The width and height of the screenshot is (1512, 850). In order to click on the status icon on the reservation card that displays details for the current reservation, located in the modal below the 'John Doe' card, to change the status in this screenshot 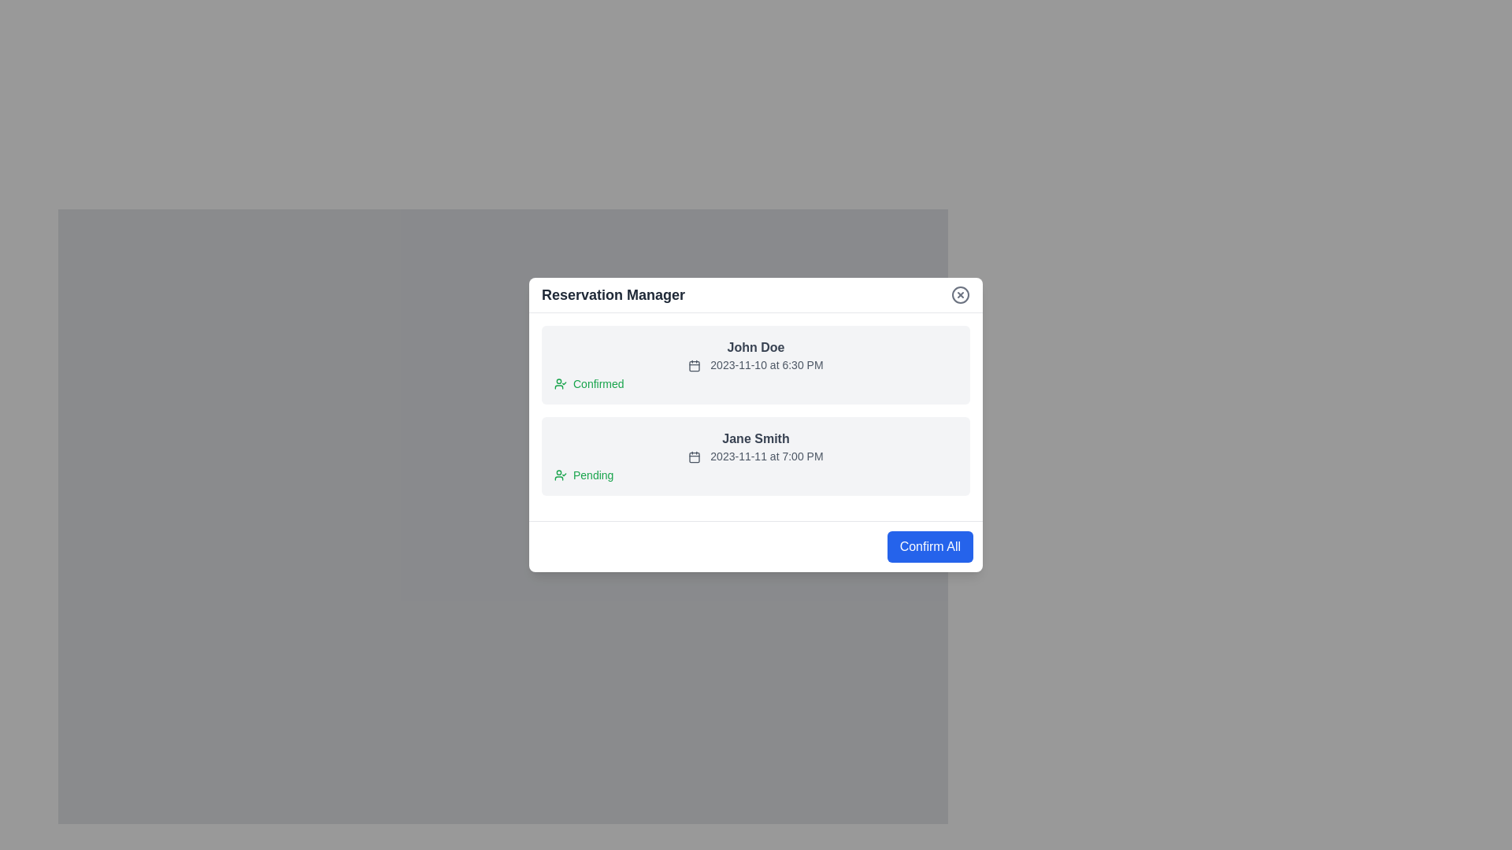, I will do `click(756, 425)`.